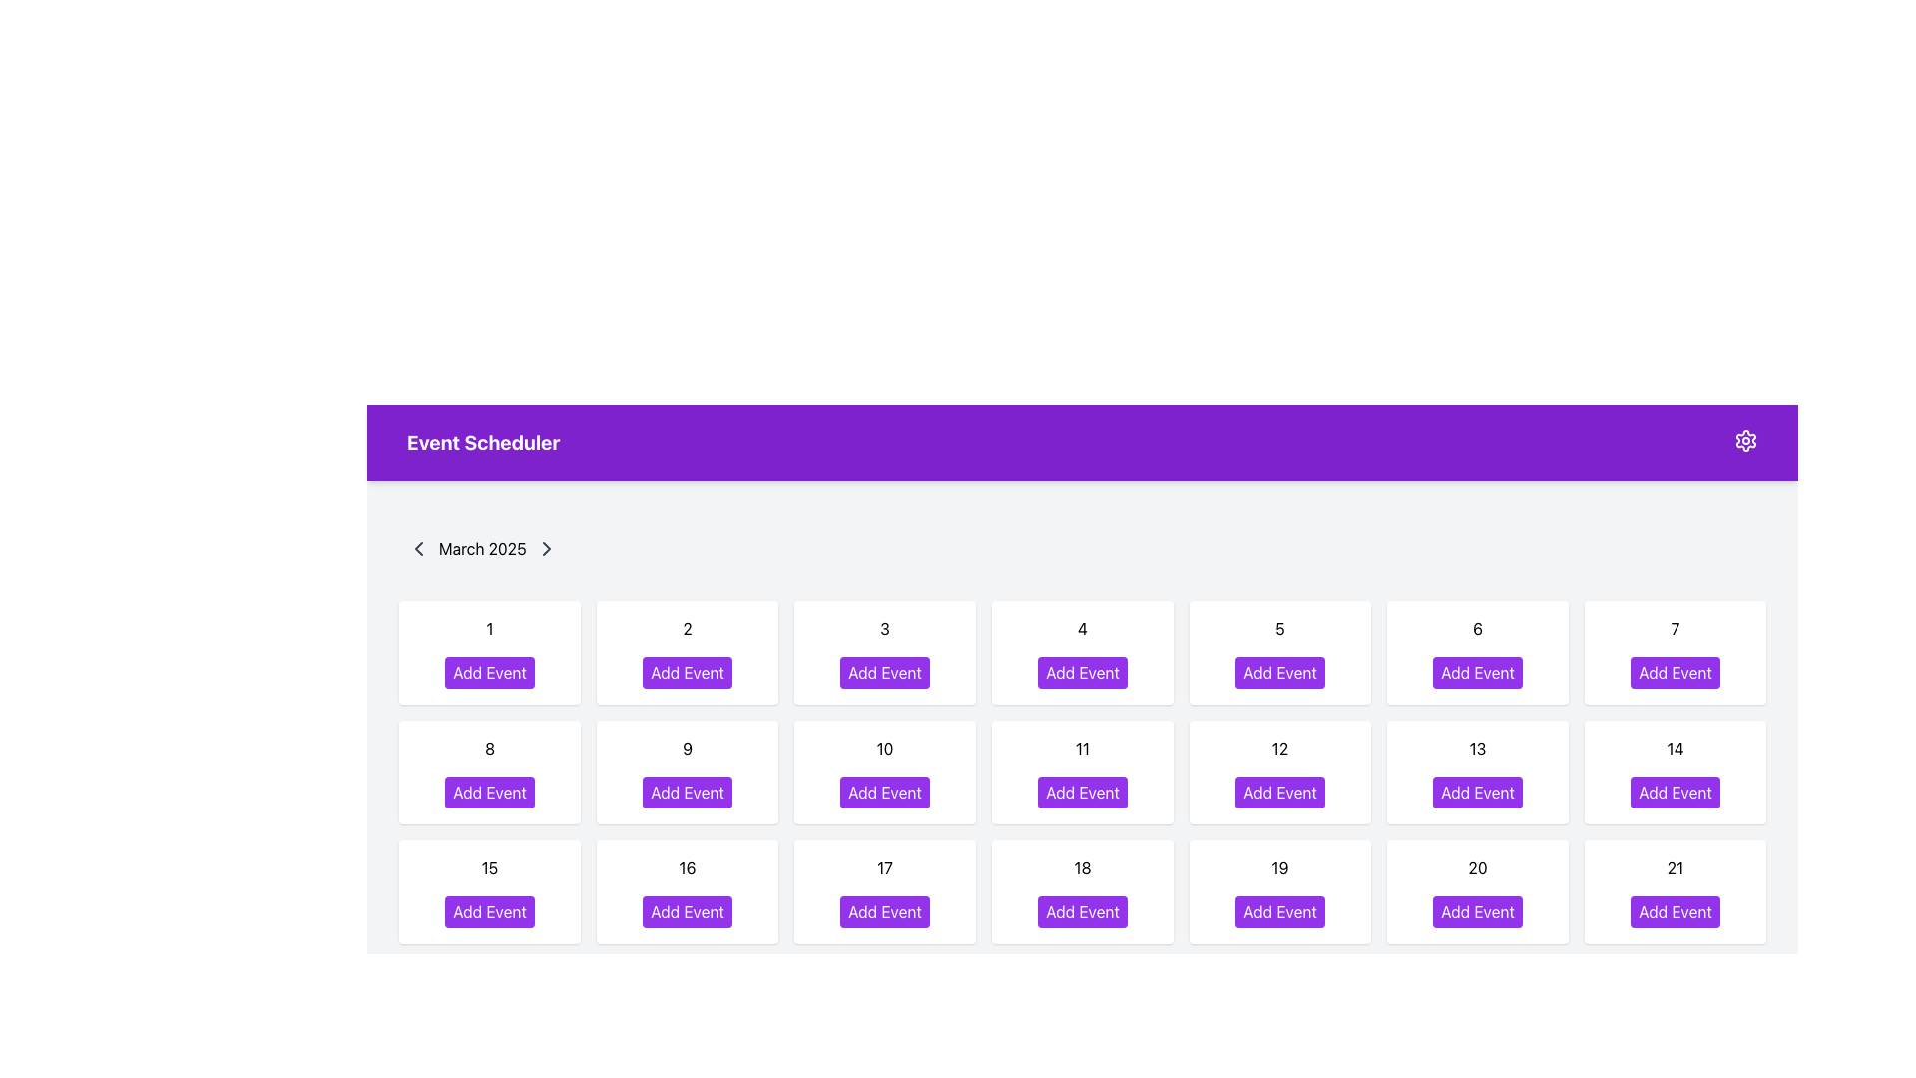 Image resolution: width=1916 pixels, height=1078 pixels. What do you see at coordinates (489, 912) in the screenshot?
I see `the 'Add Event' button, which is a rectangular button with a purple background and white text, located in the calendar interface for the date '15'` at bounding box center [489, 912].